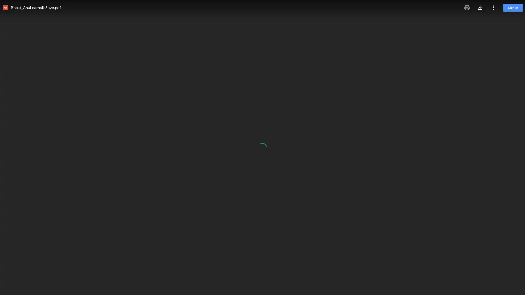 This screenshot has height=295, width=525. Describe the element at coordinates (467, 7) in the screenshot. I see `Printing not yet available` at that location.